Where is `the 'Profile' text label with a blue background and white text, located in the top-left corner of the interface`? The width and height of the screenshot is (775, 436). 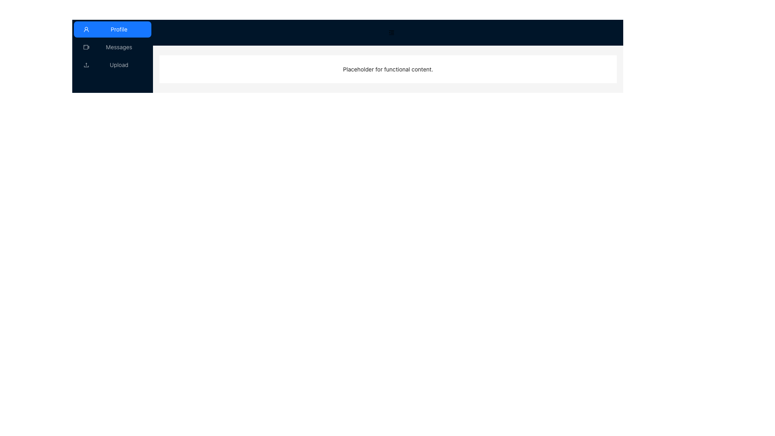 the 'Profile' text label with a blue background and white text, located in the top-left corner of the interface is located at coordinates (118, 29).